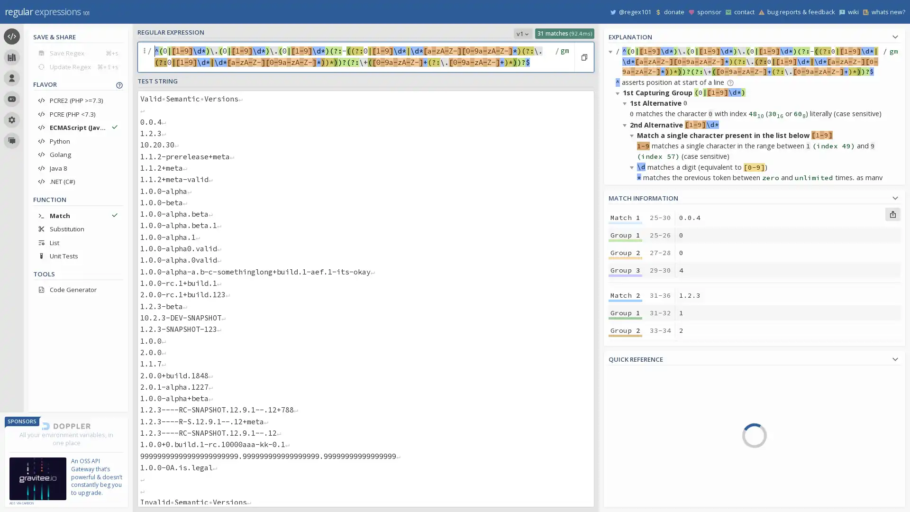 The height and width of the screenshot is (512, 910). What do you see at coordinates (892, 214) in the screenshot?
I see `Export Matches` at bounding box center [892, 214].